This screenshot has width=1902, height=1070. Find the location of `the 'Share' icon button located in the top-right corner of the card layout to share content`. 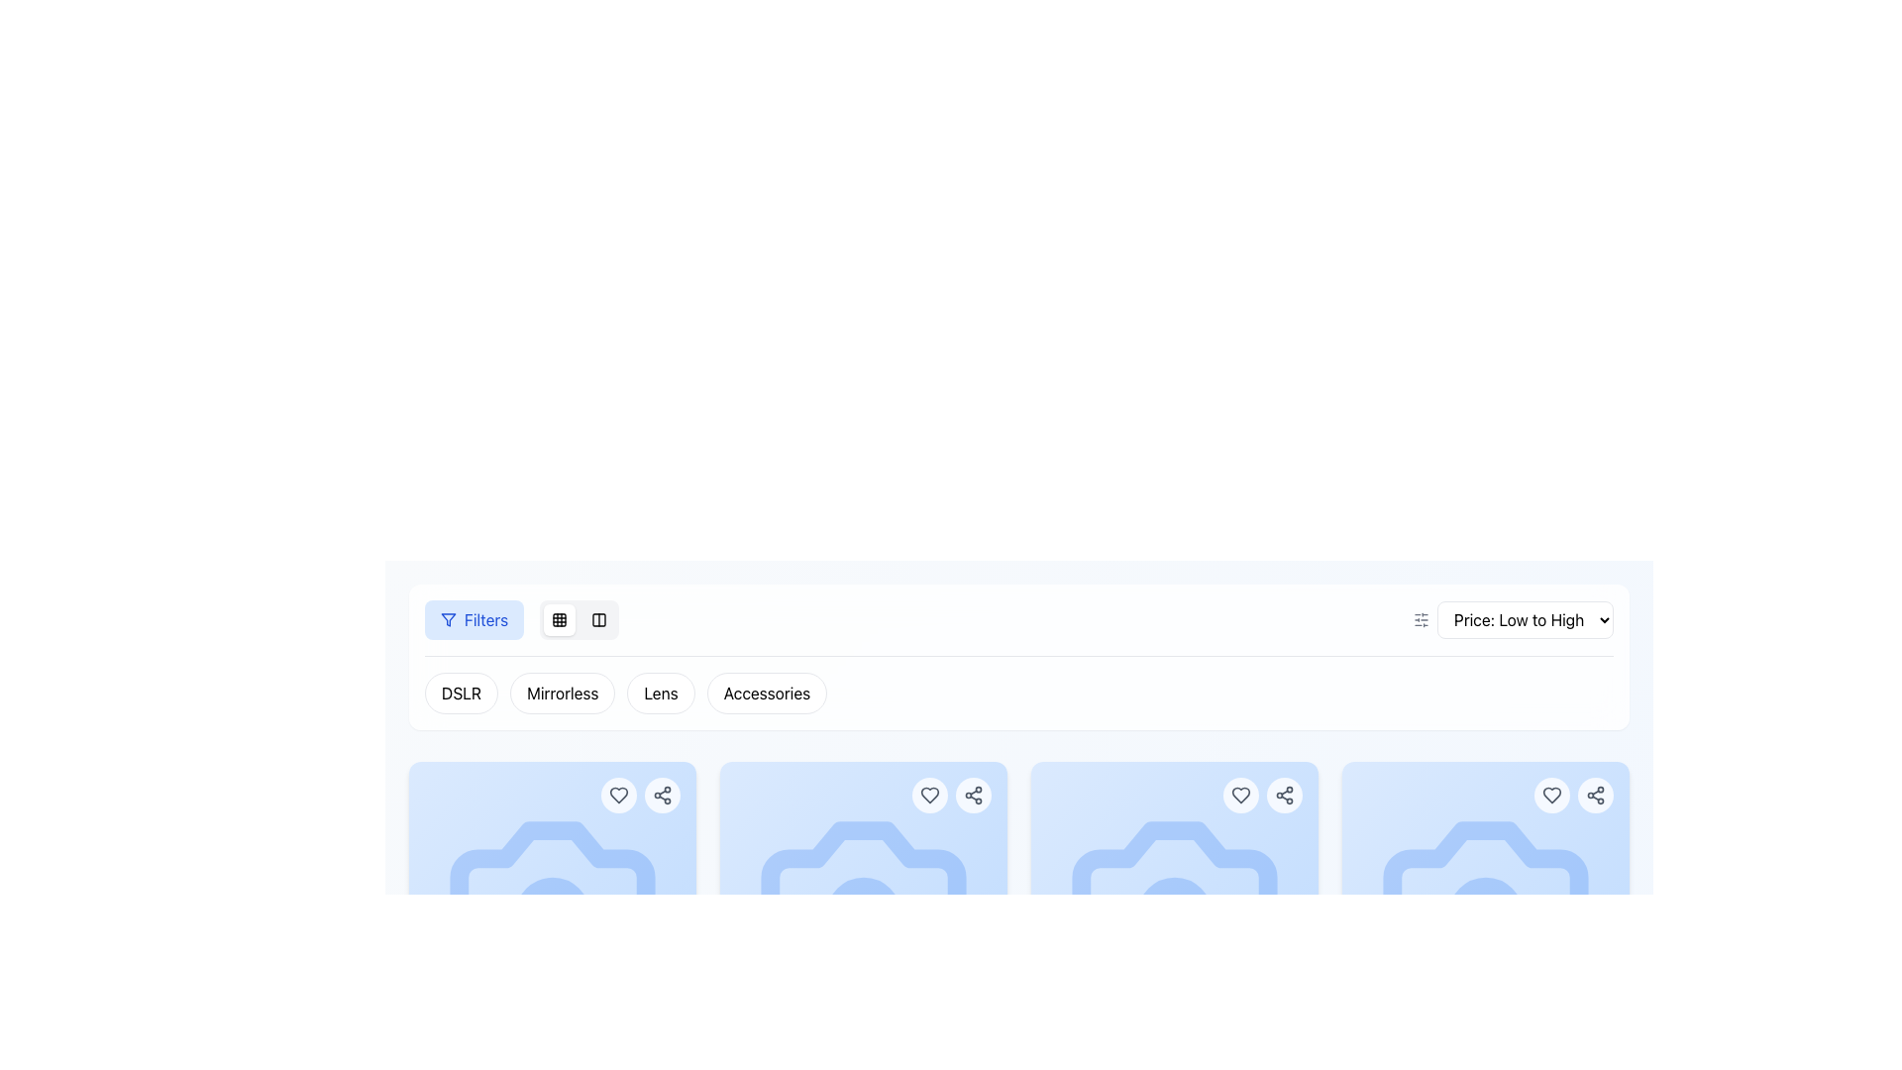

the 'Share' icon button located in the top-right corner of the card layout to share content is located at coordinates (1596, 794).